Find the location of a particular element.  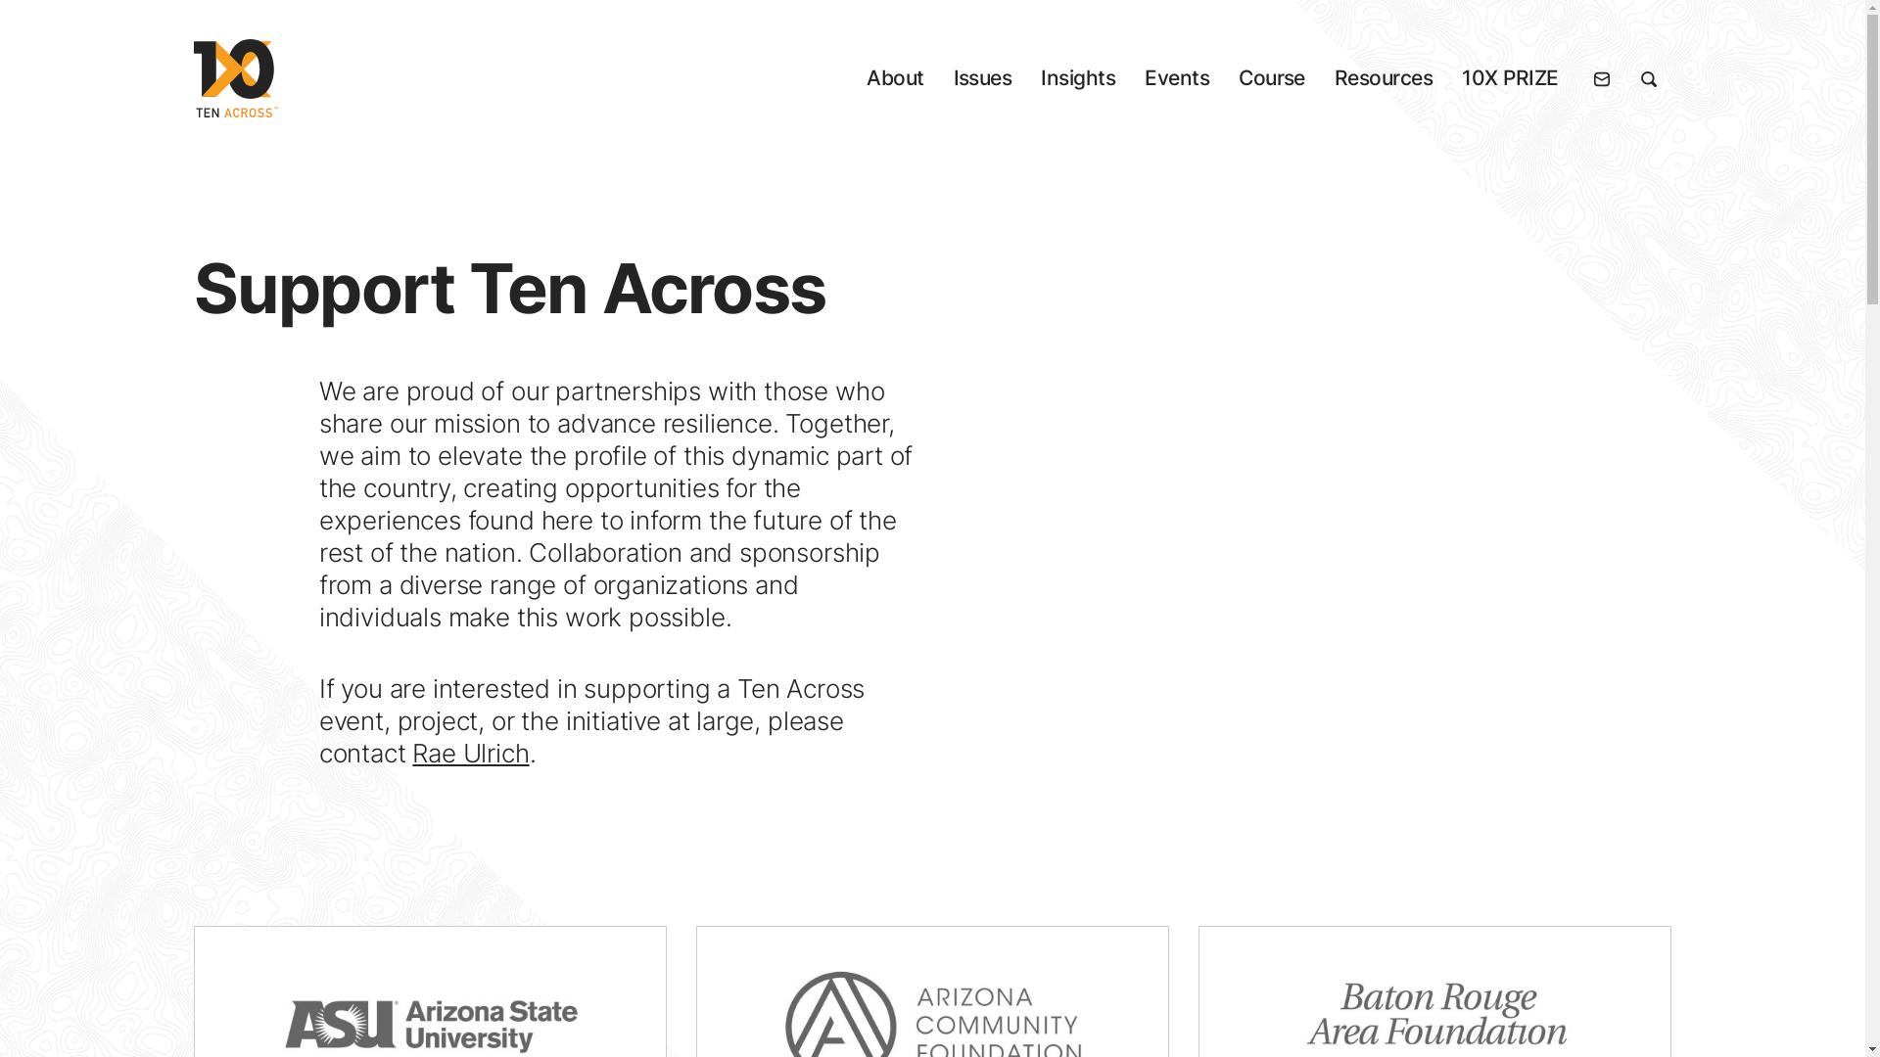

'Rae Ulrich' is located at coordinates (470, 752).